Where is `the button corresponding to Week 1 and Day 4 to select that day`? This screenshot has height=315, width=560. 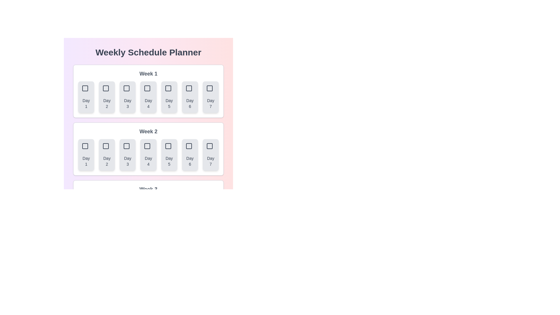
the button corresponding to Week 1 and Day 4 to select that day is located at coordinates (148, 97).